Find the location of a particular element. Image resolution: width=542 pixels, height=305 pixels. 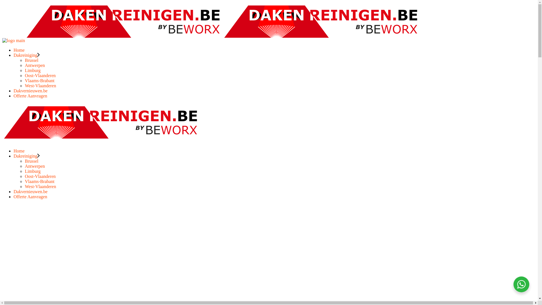

'Oost-Vlaanderen' is located at coordinates (40, 75).